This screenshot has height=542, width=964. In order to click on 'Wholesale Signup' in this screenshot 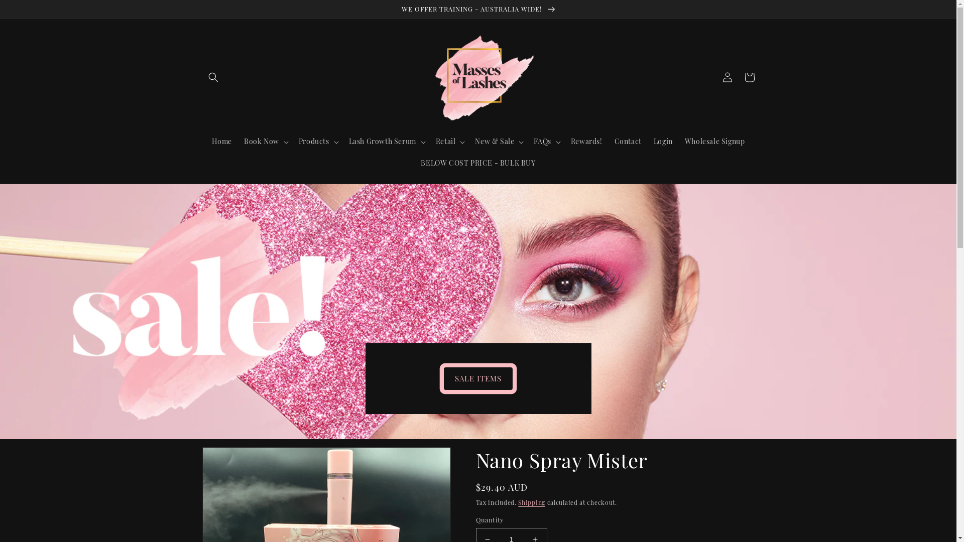, I will do `click(679, 141)`.